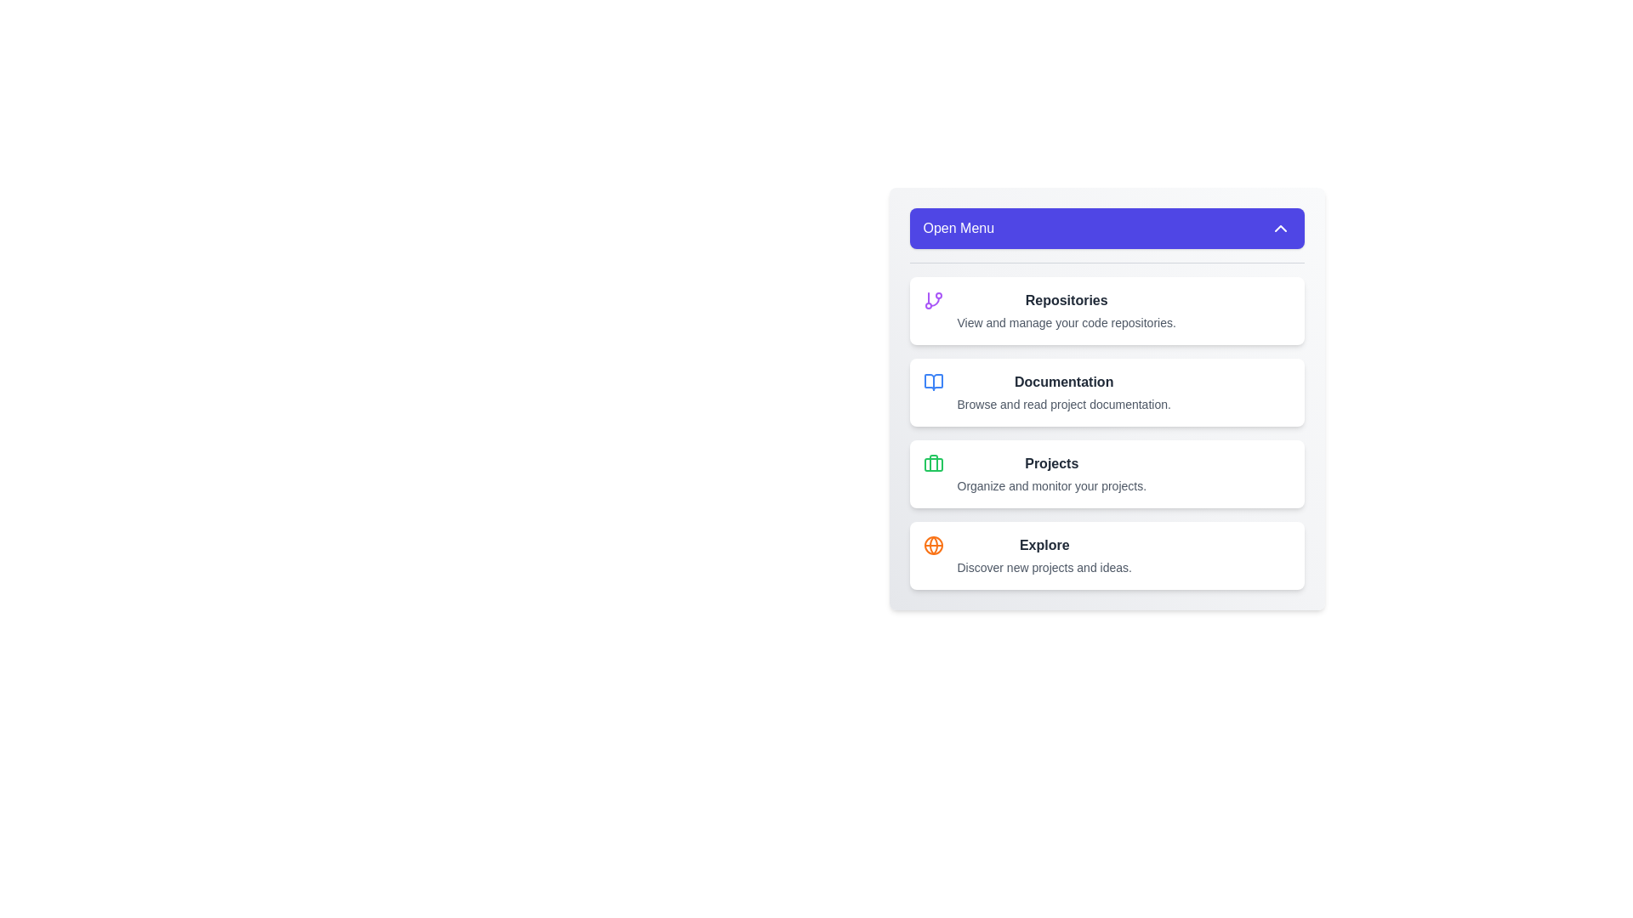  Describe the element at coordinates (1107, 311) in the screenshot. I see `the first clickable card labeled 'Repositories' in the sidebar` at that location.